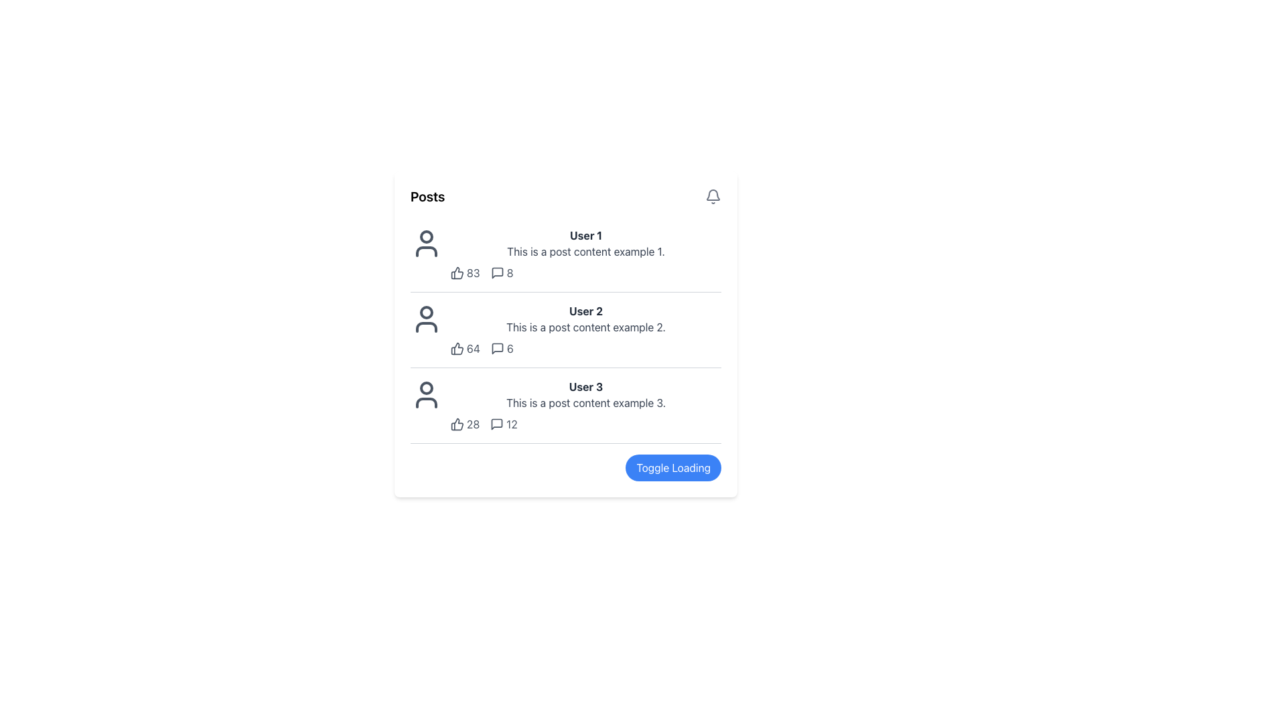 Image resolution: width=1286 pixels, height=723 pixels. I want to click on the thumbs-up icon, which is a vector graphic resembling a hand with a thumbs-up gesture, positioned near the upper left region of the interface, adjacent to the post content of 'User 1', so click(457, 272).